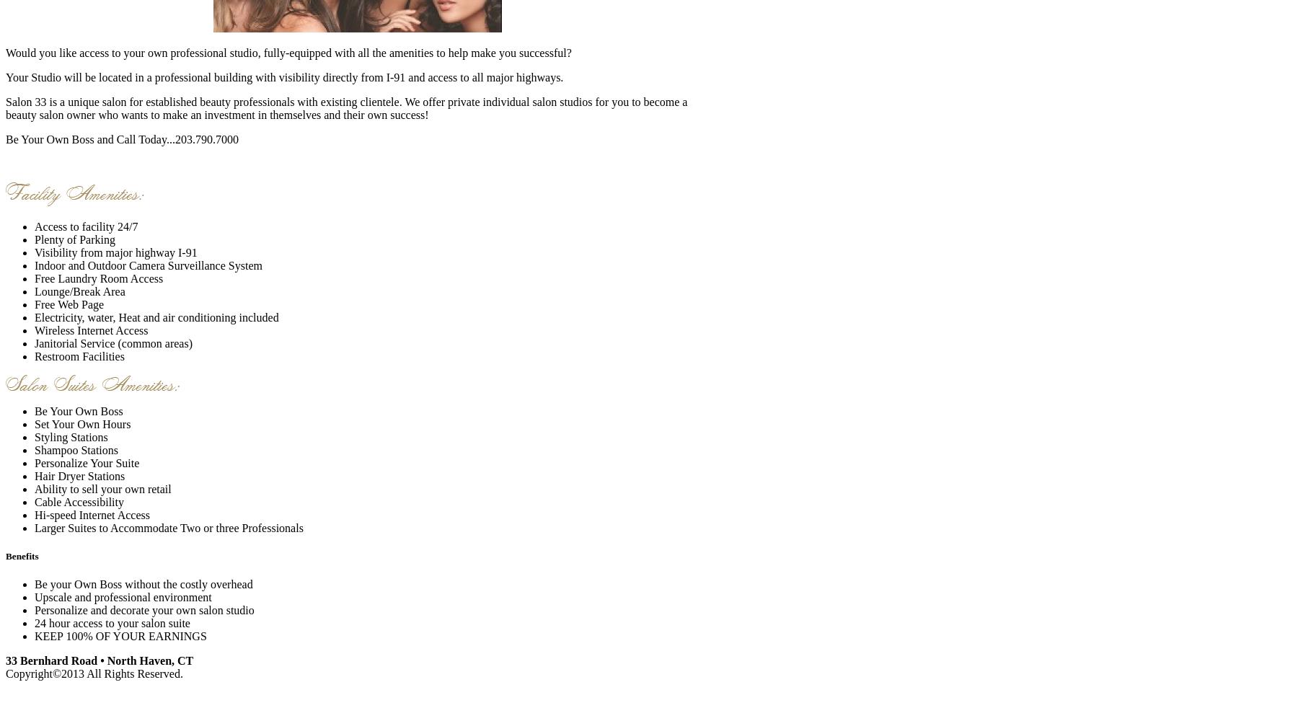 The image size is (1306, 721). Describe the element at coordinates (102, 488) in the screenshot. I see `'Ability to sell your own retail'` at that location.